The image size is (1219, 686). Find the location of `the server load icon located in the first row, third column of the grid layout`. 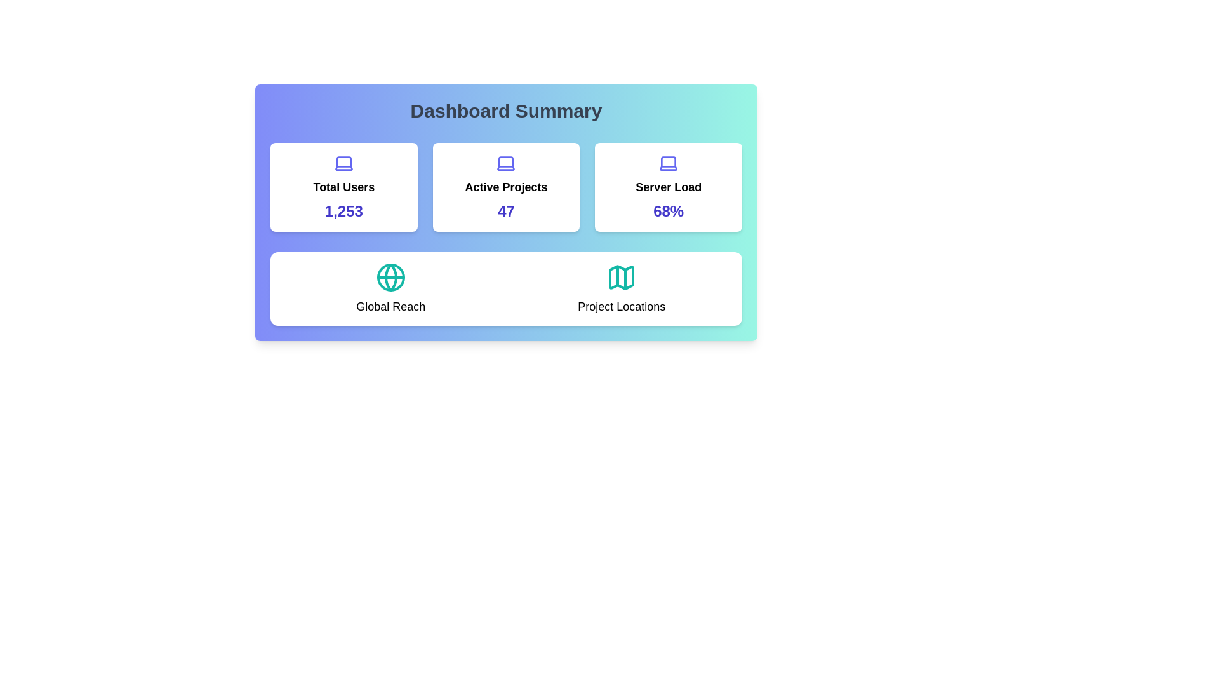

the server load icon located in the first row, third column of the grid layout is located at coordinates (668, 163).